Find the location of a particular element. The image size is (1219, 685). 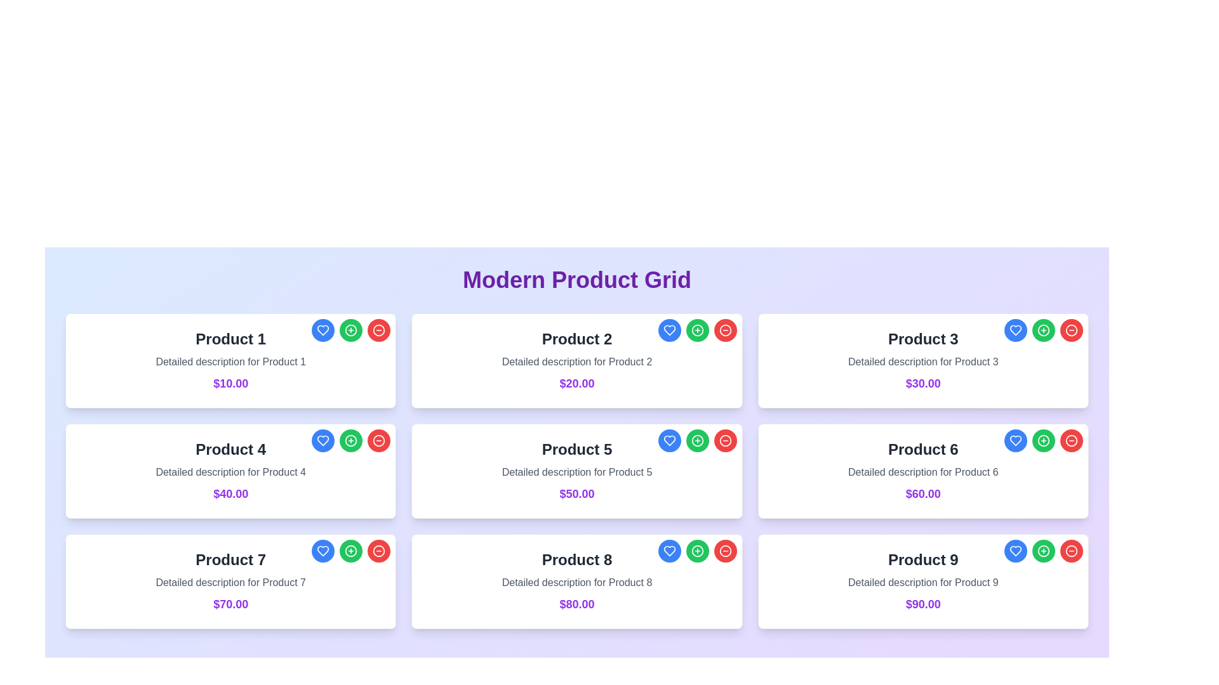

the circular blue button with a white heart icon, located at the top-right corner of the 'Product 2' card, to like or favorite the item is located at coordinates (669, 329).